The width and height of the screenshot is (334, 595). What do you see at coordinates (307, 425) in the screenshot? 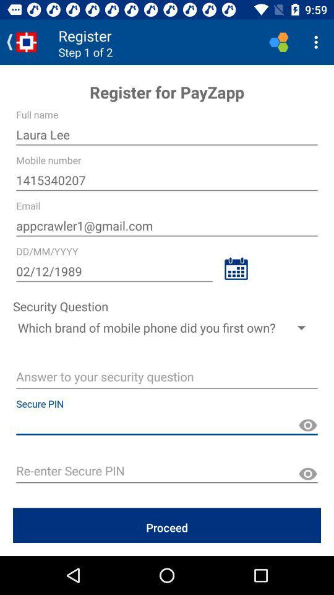
I see `the eye symbol where it says secure pin has to be entered` at bounding box center [307, 425].